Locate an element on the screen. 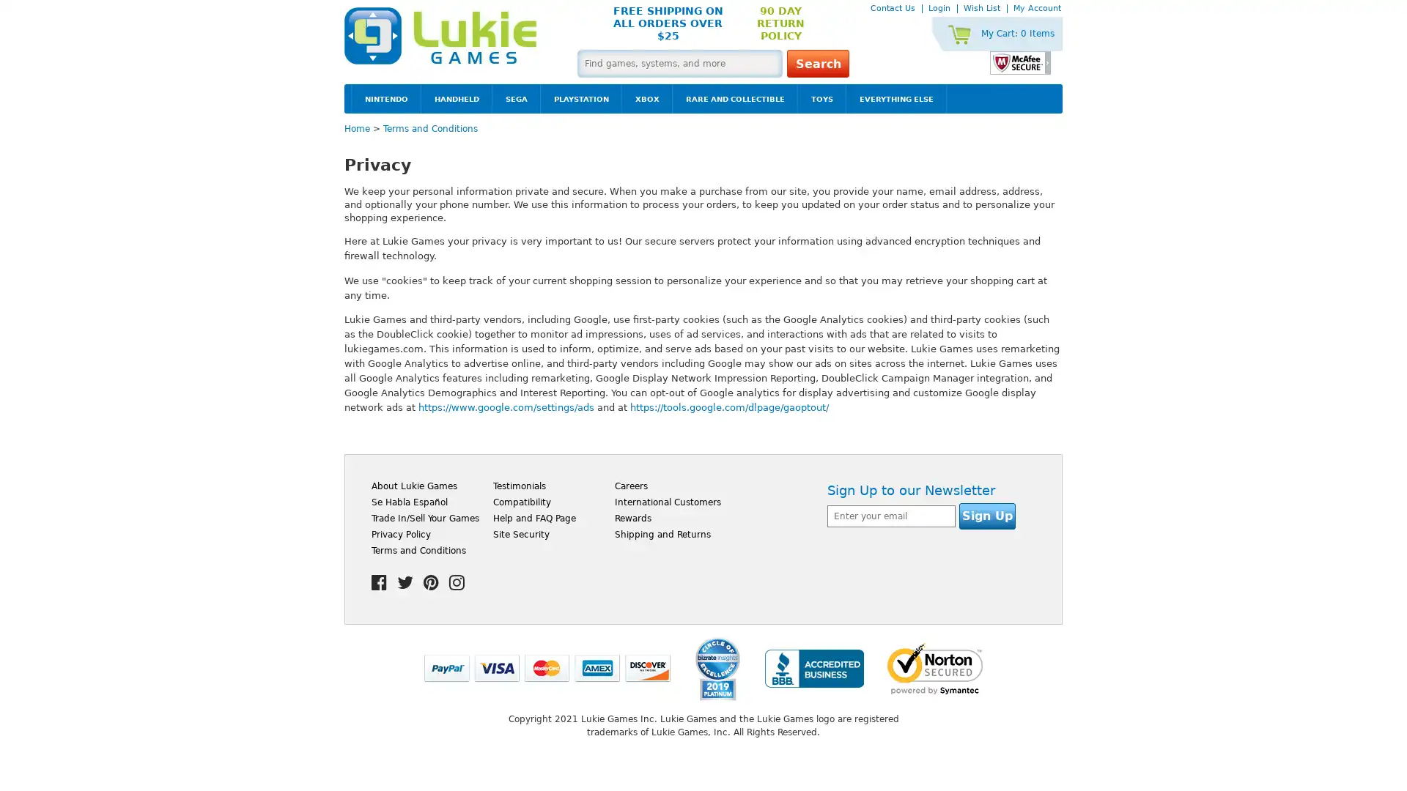 This screenshot has height=791, width=1407. Search is located at coordinates (817, 63).